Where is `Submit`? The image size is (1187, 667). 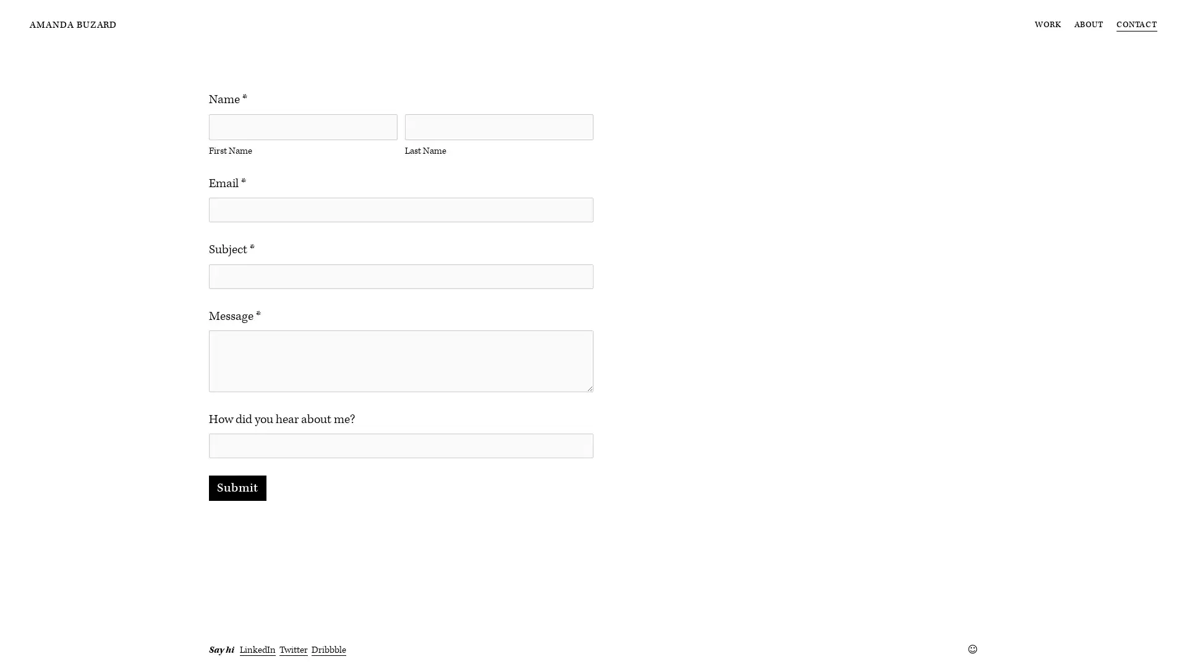
Submit is located at coordinates (237, 523).